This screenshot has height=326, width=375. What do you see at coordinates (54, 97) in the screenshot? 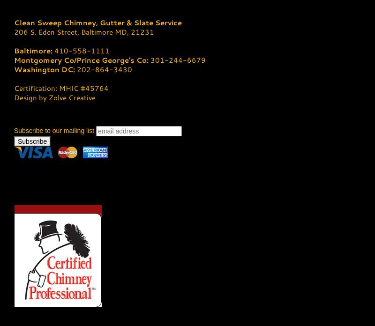
I see `'Design by Zolve Creative'` at bounding box center [54, 97].